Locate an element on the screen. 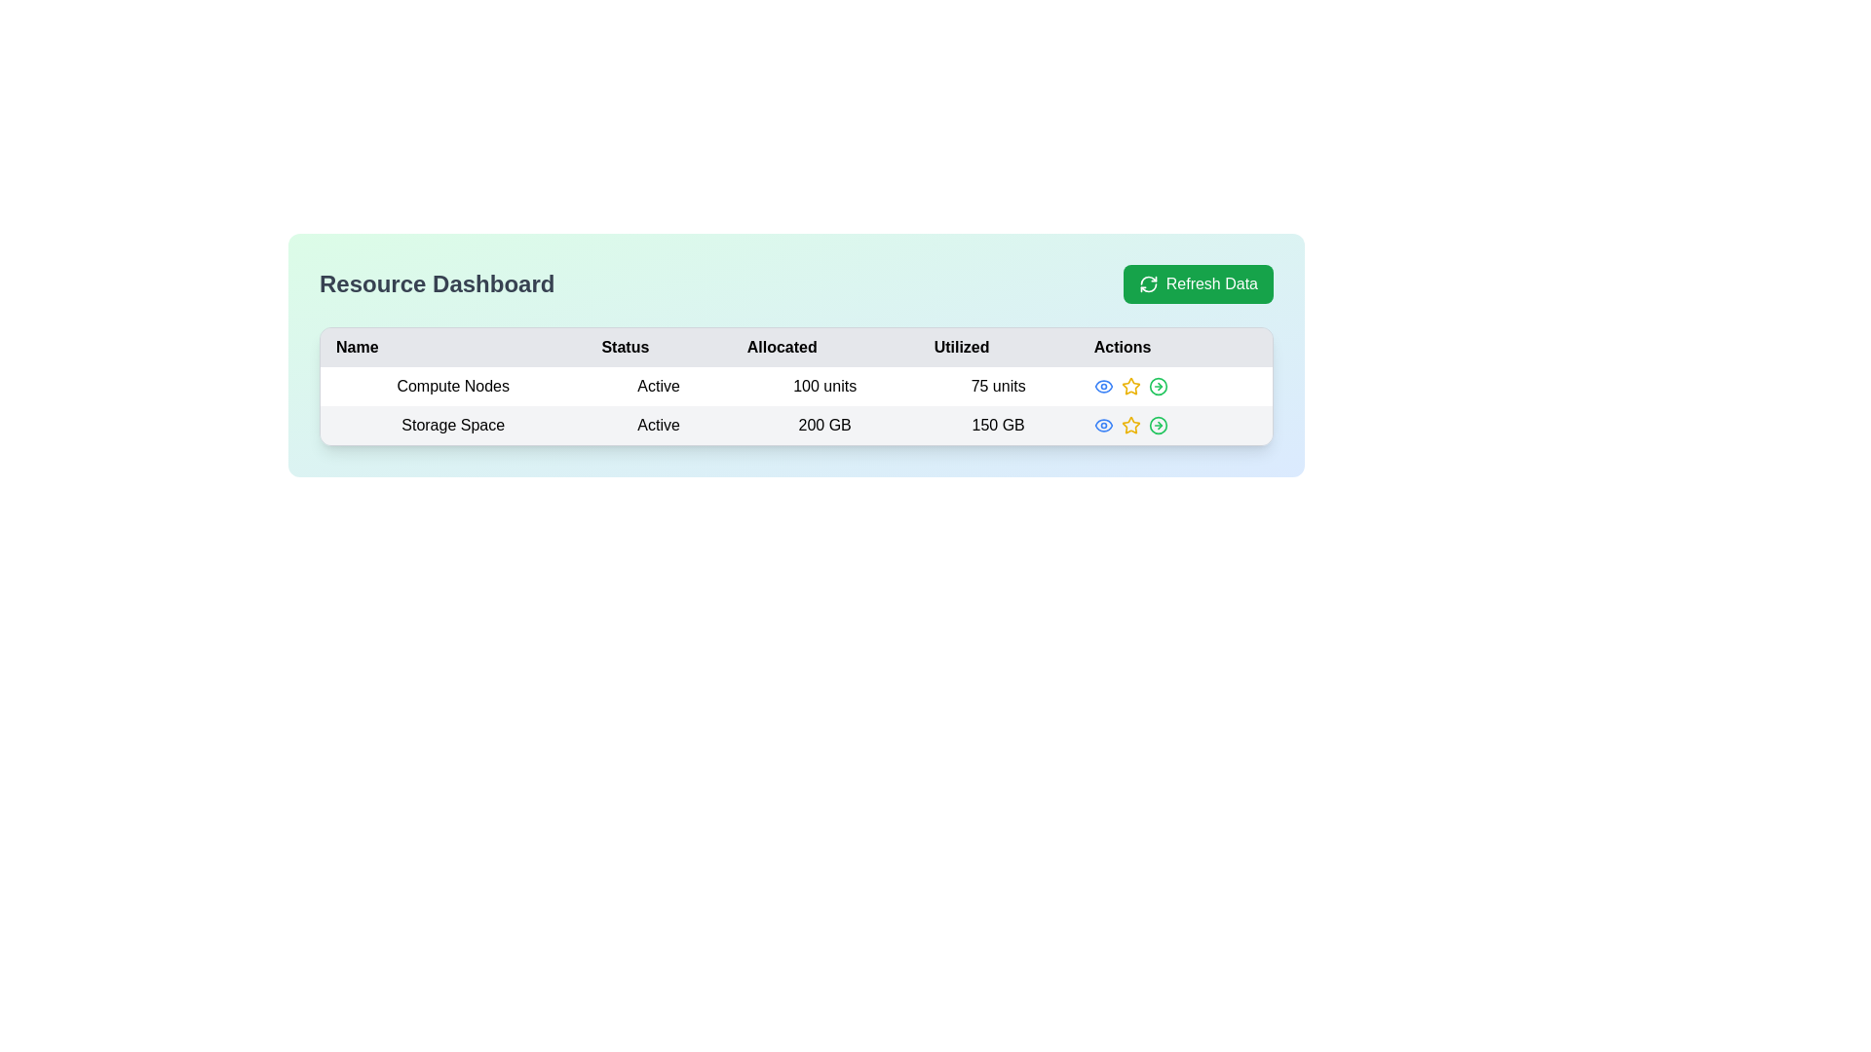 This screenshot has width=1871, height=1052. the action button in the 'Actions' column of the second row in the table, which is the rightmost cell adjacent to the 'Utilized' column displaying '150 GB' is located at coordinates (1174, 424).